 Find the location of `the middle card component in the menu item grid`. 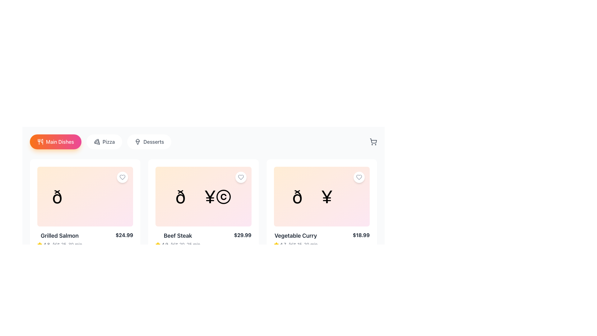

the middle card component in the menu item grid is located at coordinates (203, 215).